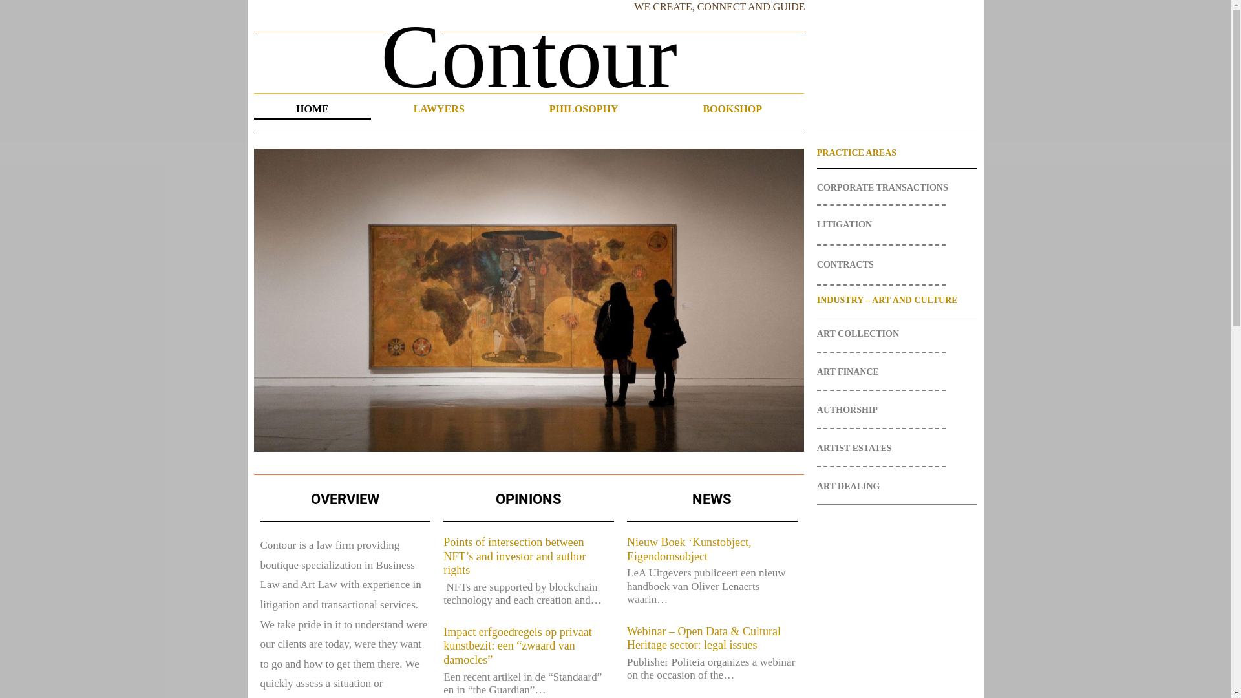 This screenshot has height=698, width=1241. What do you see at coordinates (312, 109) in the screenshot?
I see `'HOME'` at bounding box center [312, 109].